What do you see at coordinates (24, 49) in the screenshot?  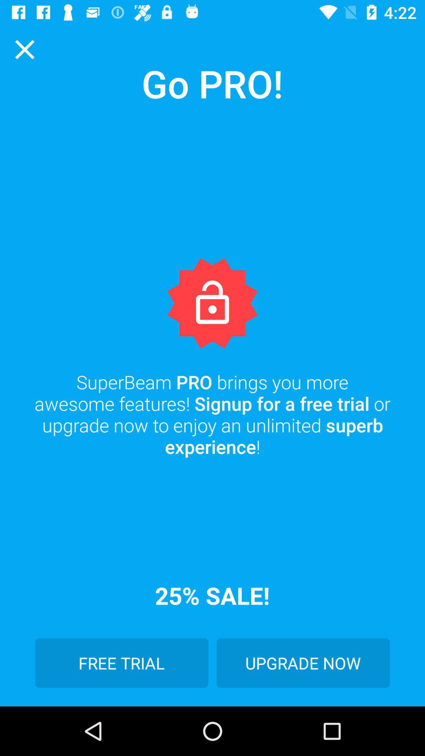 I see `current window` at bounding box center [24, 49].